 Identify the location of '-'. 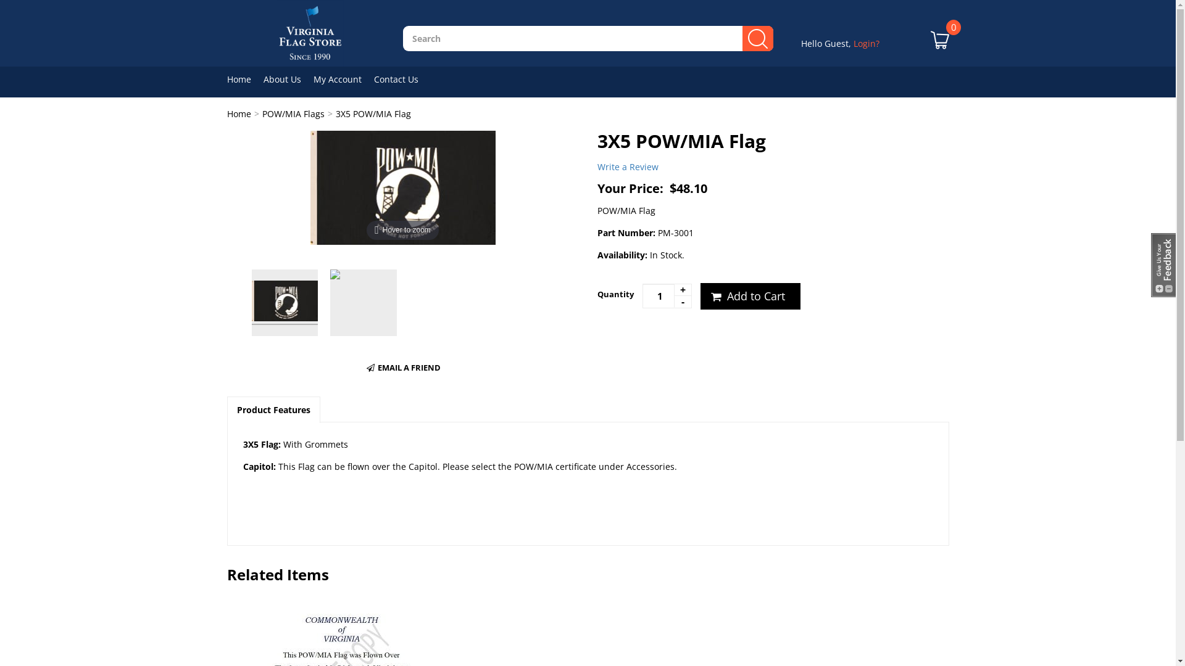
(681, 302).